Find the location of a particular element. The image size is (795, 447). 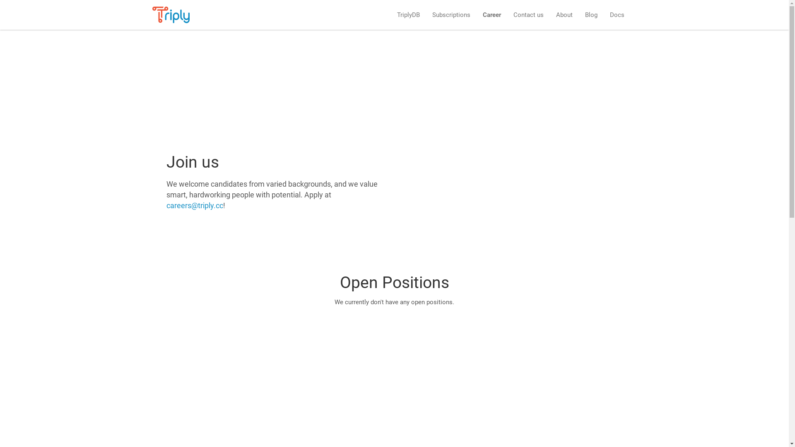

'Blog' is located at coordinates (591, 14).